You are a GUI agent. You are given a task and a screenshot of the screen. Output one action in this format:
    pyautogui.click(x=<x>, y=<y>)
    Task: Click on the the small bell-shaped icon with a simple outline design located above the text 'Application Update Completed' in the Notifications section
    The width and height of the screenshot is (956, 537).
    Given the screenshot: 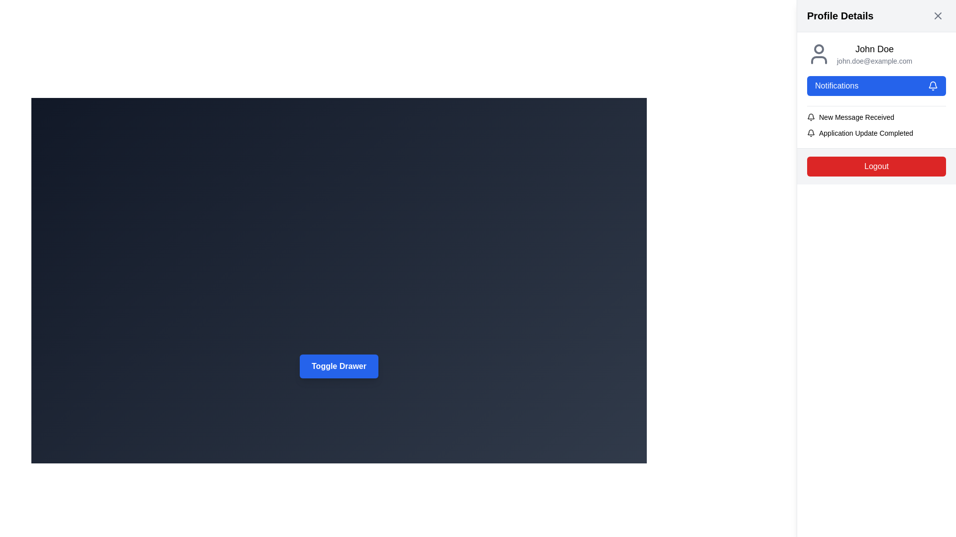 What is the action you would take?
    pyautogui.click(x=811, y=132)
    